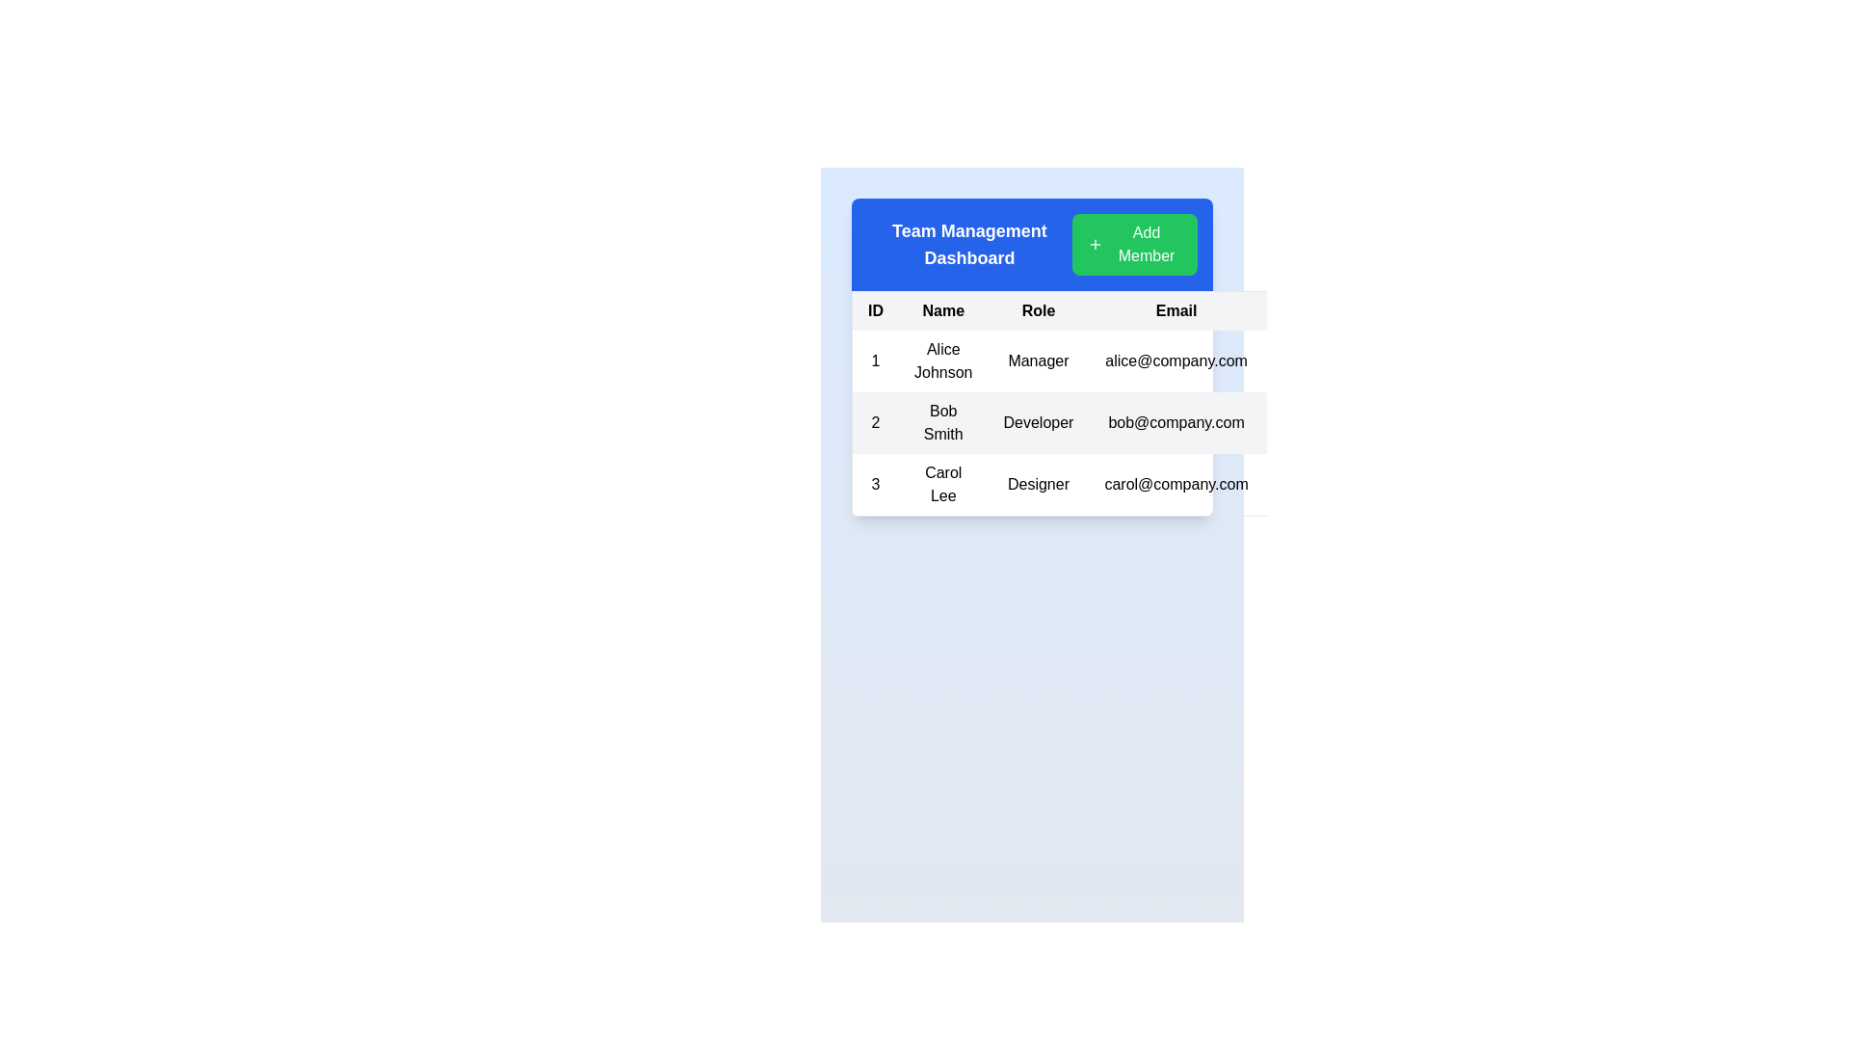  Describe the element at coordinates (1176, 422) in the screenshot. I see `the static text displaying 'bob@company.com' located in the 'Email' column of the second row in the table` at that location.